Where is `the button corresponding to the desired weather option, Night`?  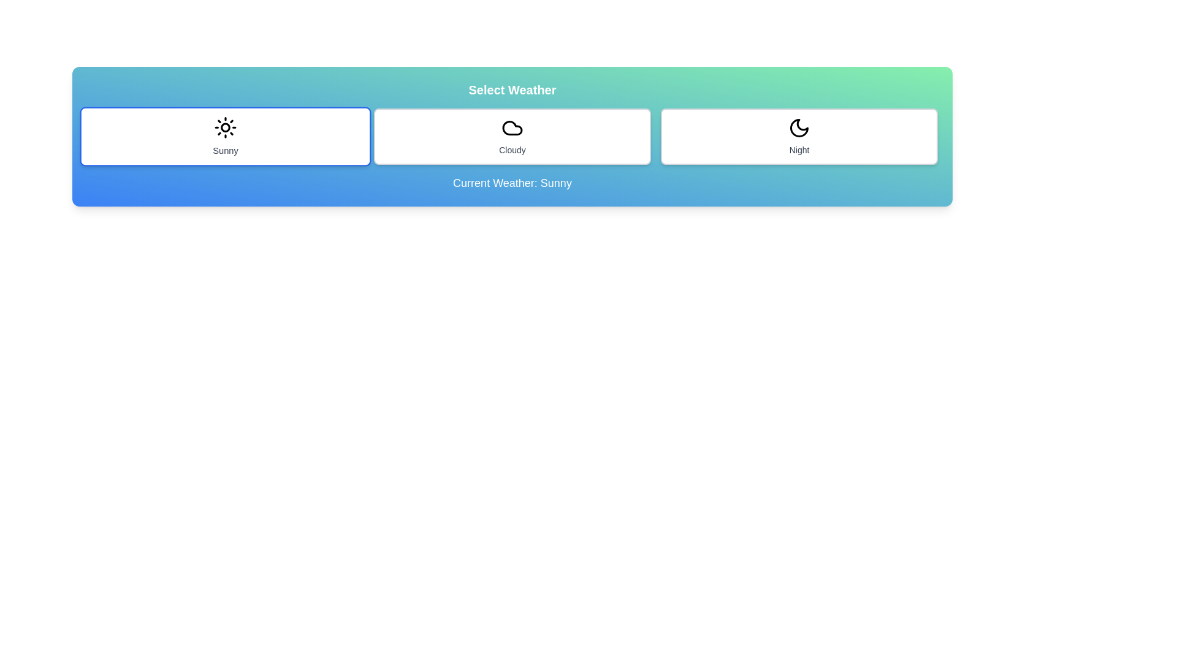
the button corresponding to the desired weather option, Night is located at coordinates (799, 137).